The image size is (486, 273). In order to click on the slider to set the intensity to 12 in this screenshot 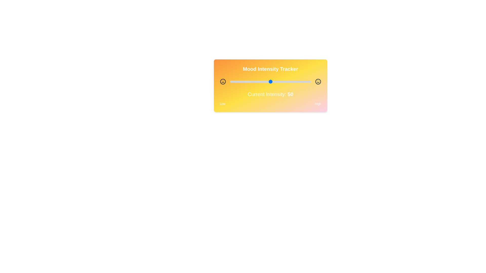, I will do `click(239, 81)`.